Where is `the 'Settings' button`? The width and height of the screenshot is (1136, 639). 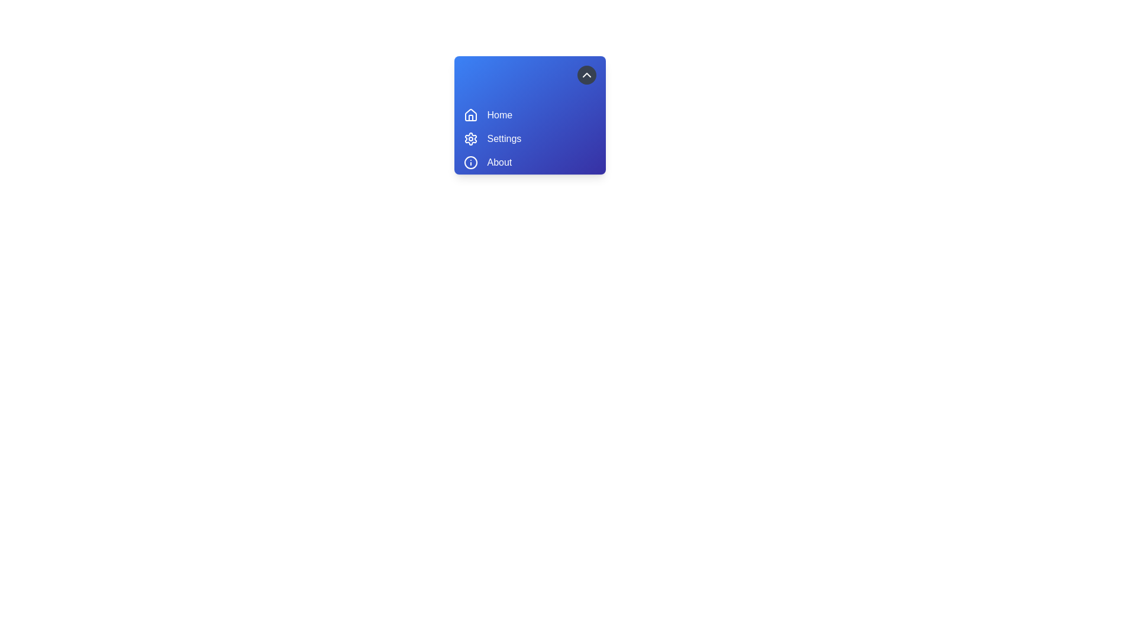
the 'Settings' button is located at coordinates (529, 138).